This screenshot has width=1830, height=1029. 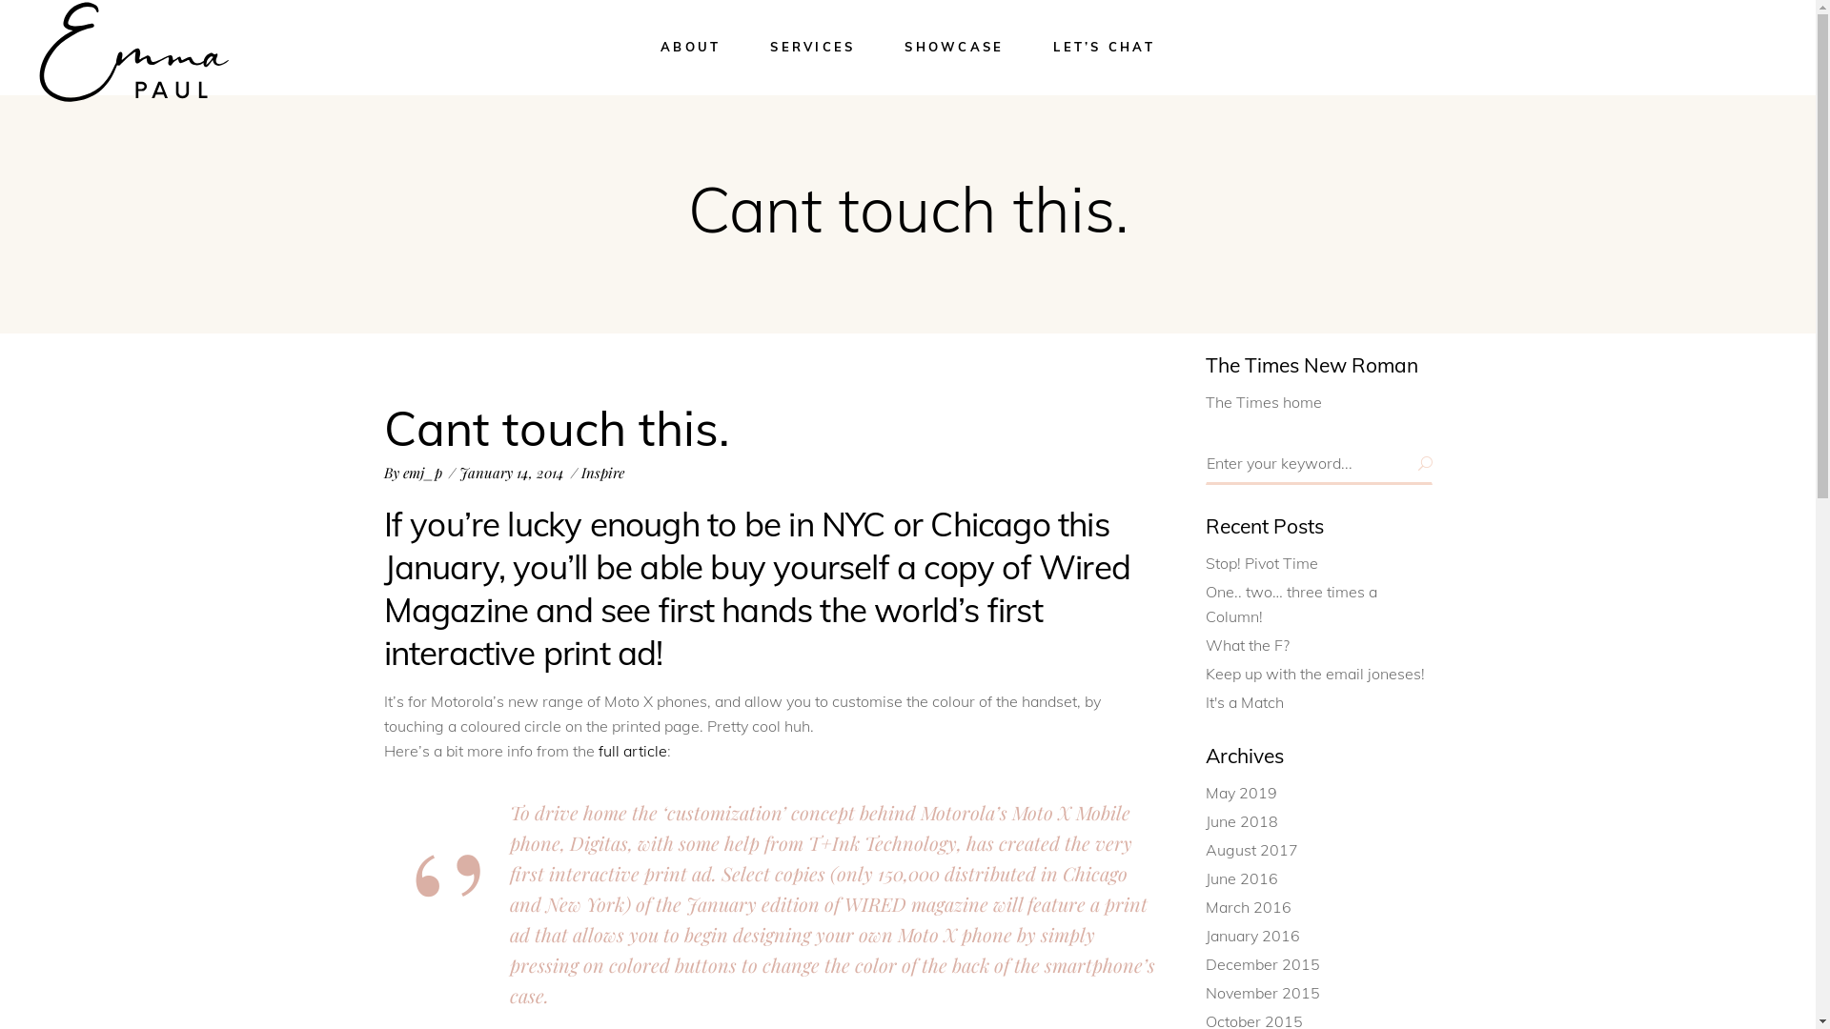 What do you see at coordinates (1262, 991) in the screenshot?
I see `'November 2015'` at bounding box center [1262, 991].